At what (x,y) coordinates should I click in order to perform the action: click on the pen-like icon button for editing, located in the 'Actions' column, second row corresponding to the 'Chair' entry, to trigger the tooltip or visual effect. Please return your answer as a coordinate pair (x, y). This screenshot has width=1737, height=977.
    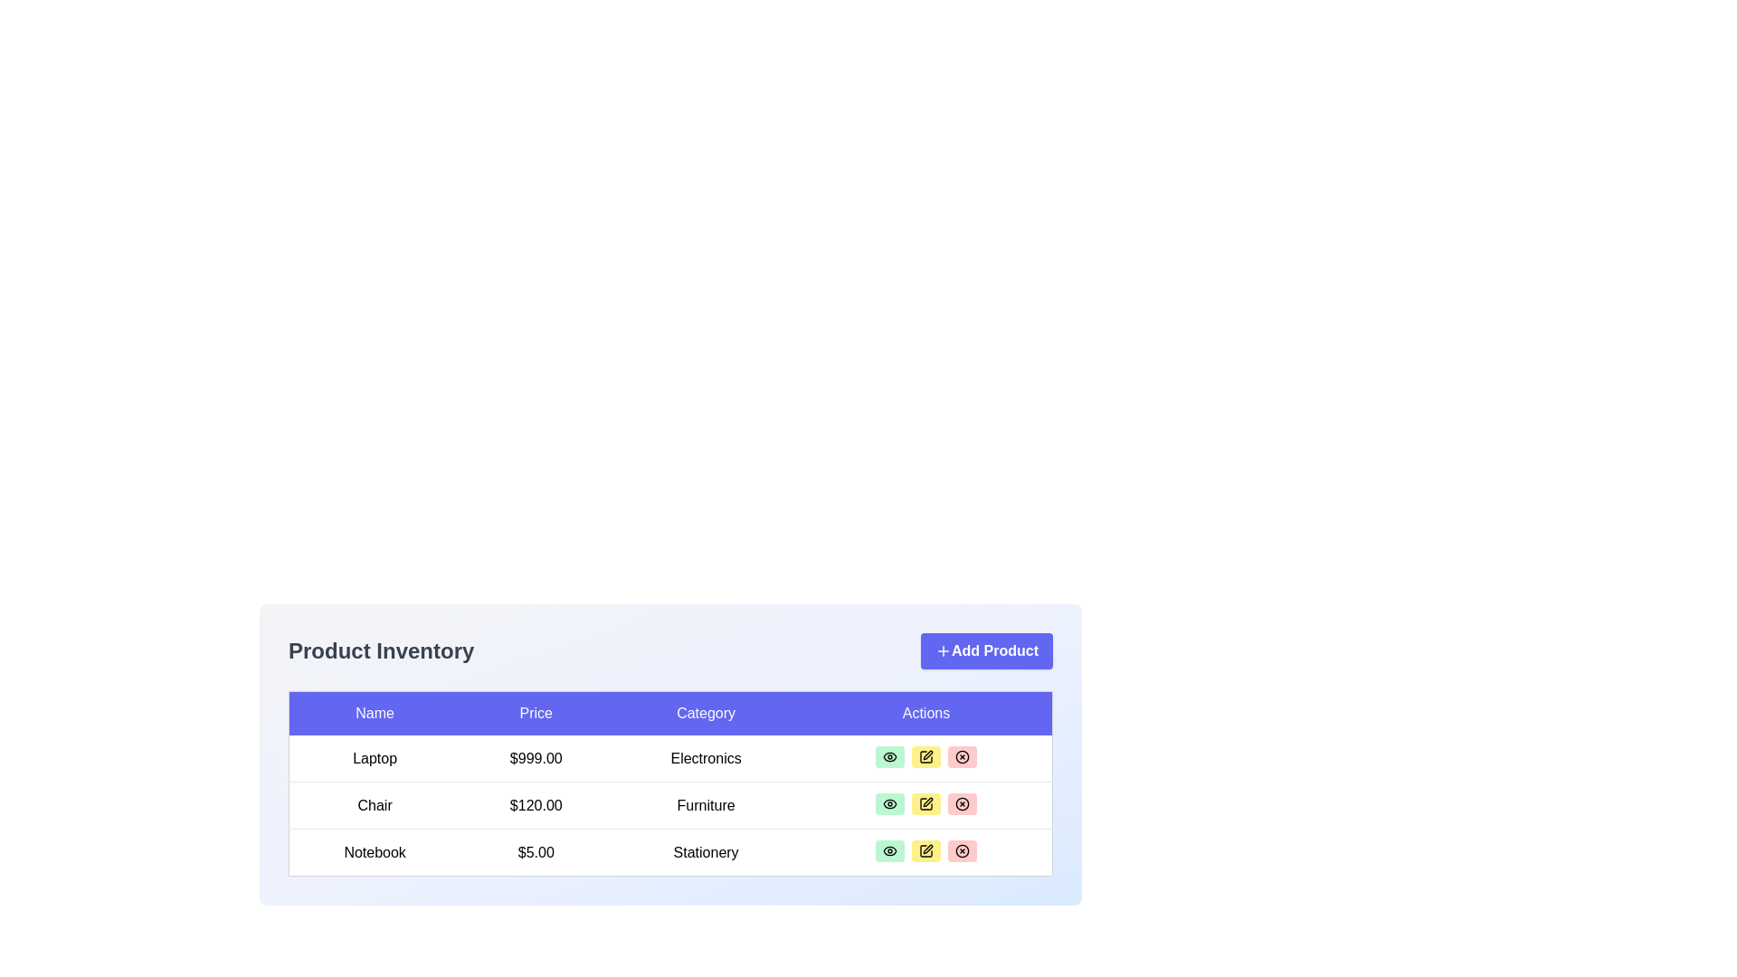
    Looking at the image, I should click on (927, 754).